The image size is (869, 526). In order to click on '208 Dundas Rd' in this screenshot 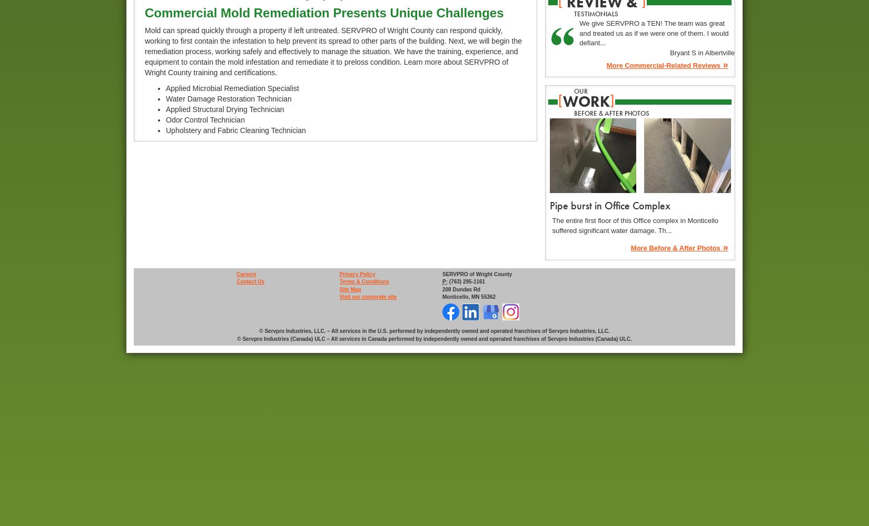, I will do `click(461, 289)`.